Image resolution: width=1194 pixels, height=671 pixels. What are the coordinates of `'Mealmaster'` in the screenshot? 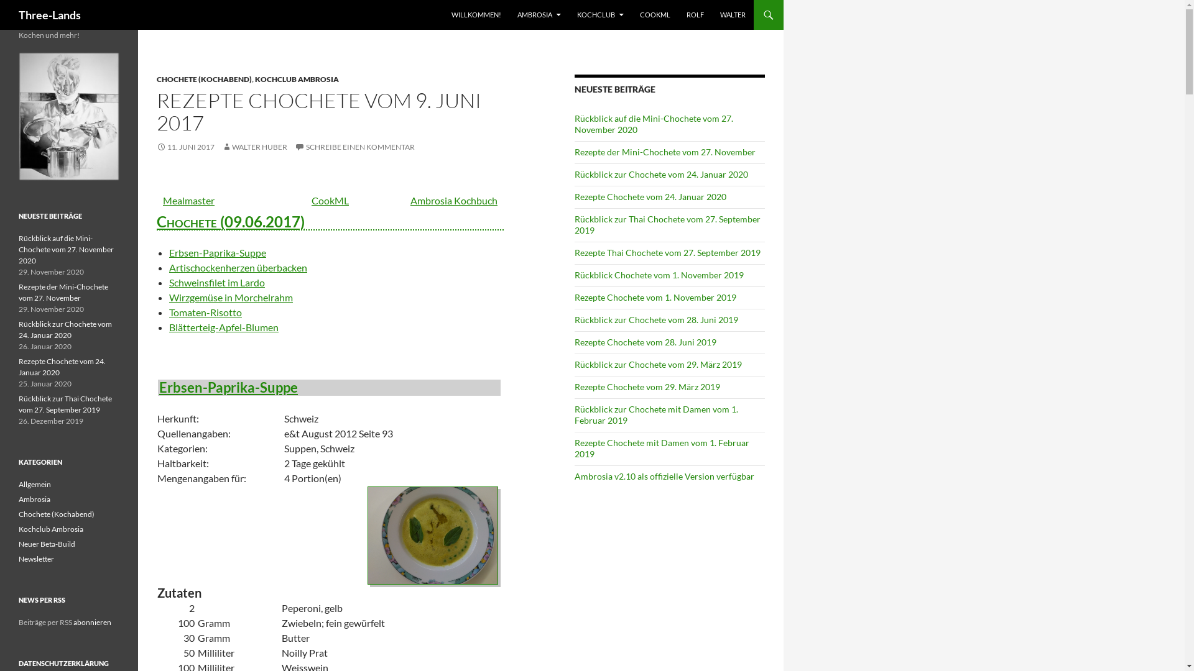 It's located at (188, 199).